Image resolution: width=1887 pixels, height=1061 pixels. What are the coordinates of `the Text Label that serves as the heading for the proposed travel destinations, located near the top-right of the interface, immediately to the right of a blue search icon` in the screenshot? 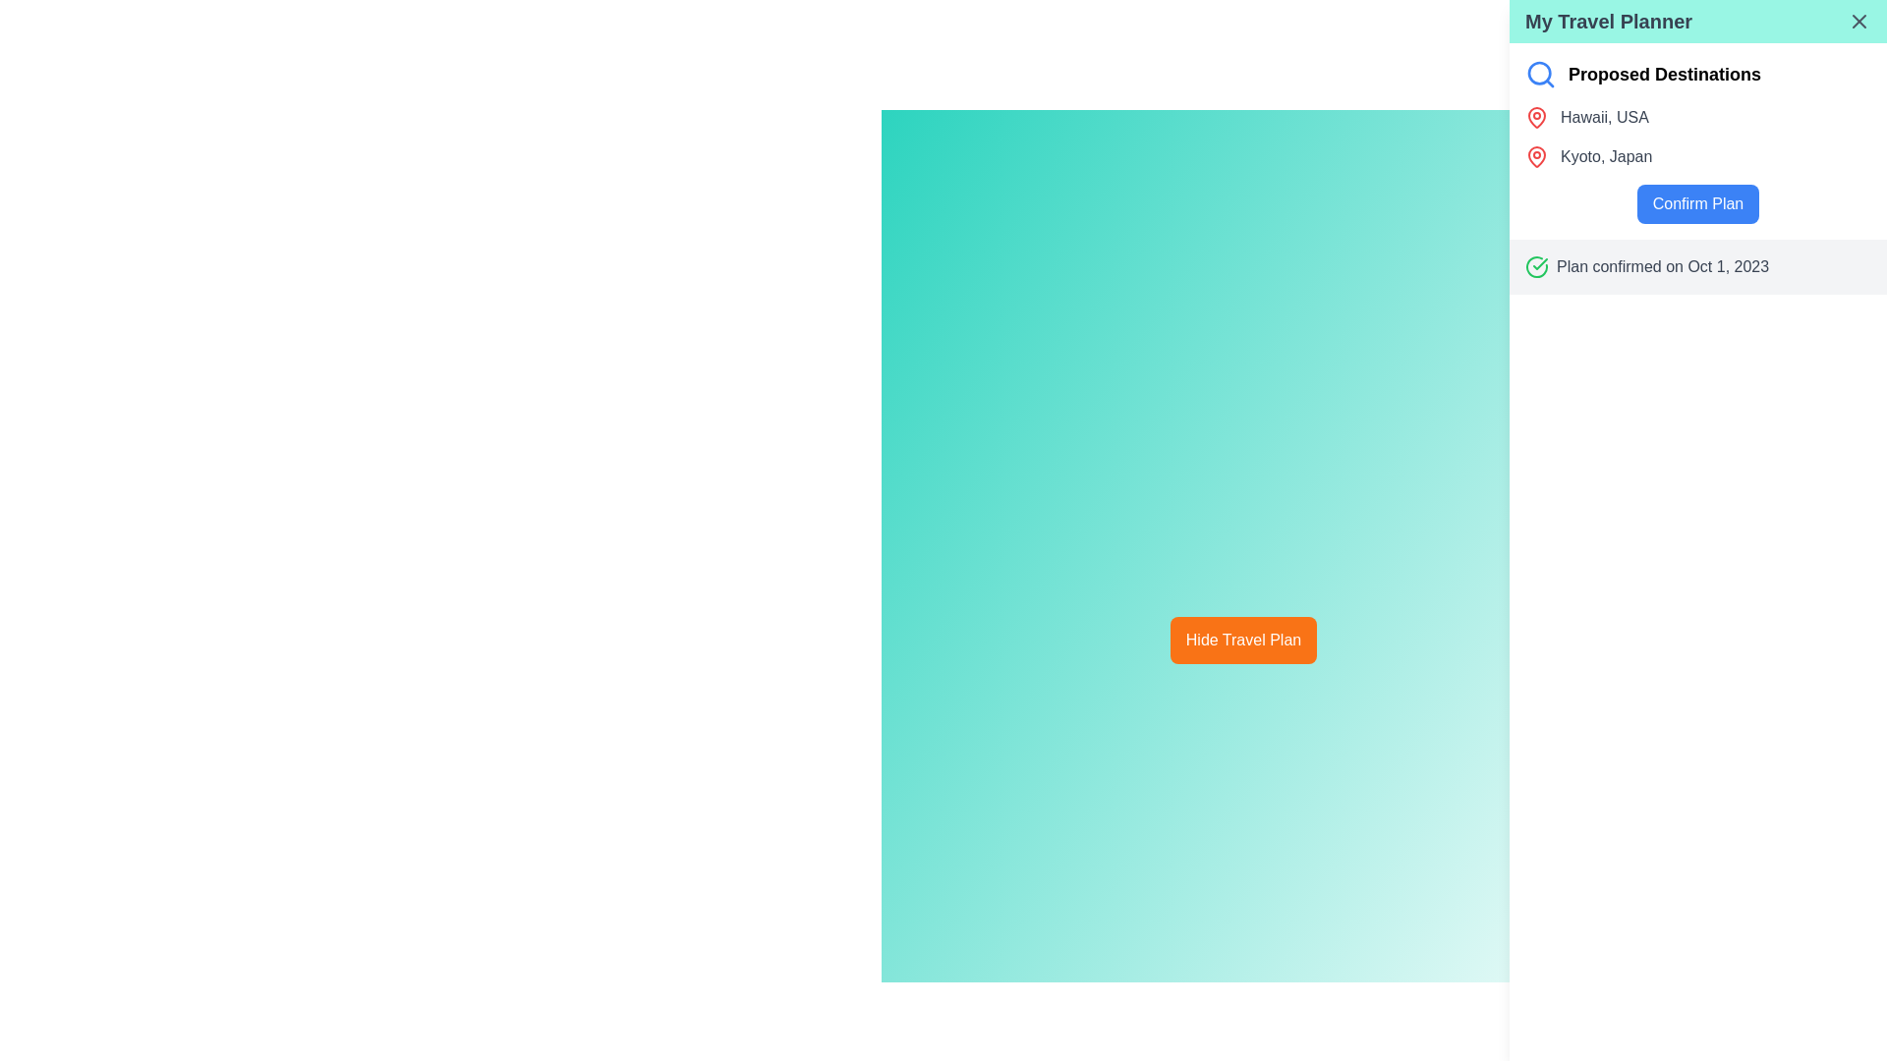 It's located at (1664, 74).